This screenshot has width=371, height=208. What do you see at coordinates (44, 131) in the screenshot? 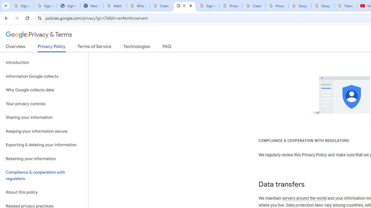
I see `'Keeping your information secure'` at bounding box center [44, 131].